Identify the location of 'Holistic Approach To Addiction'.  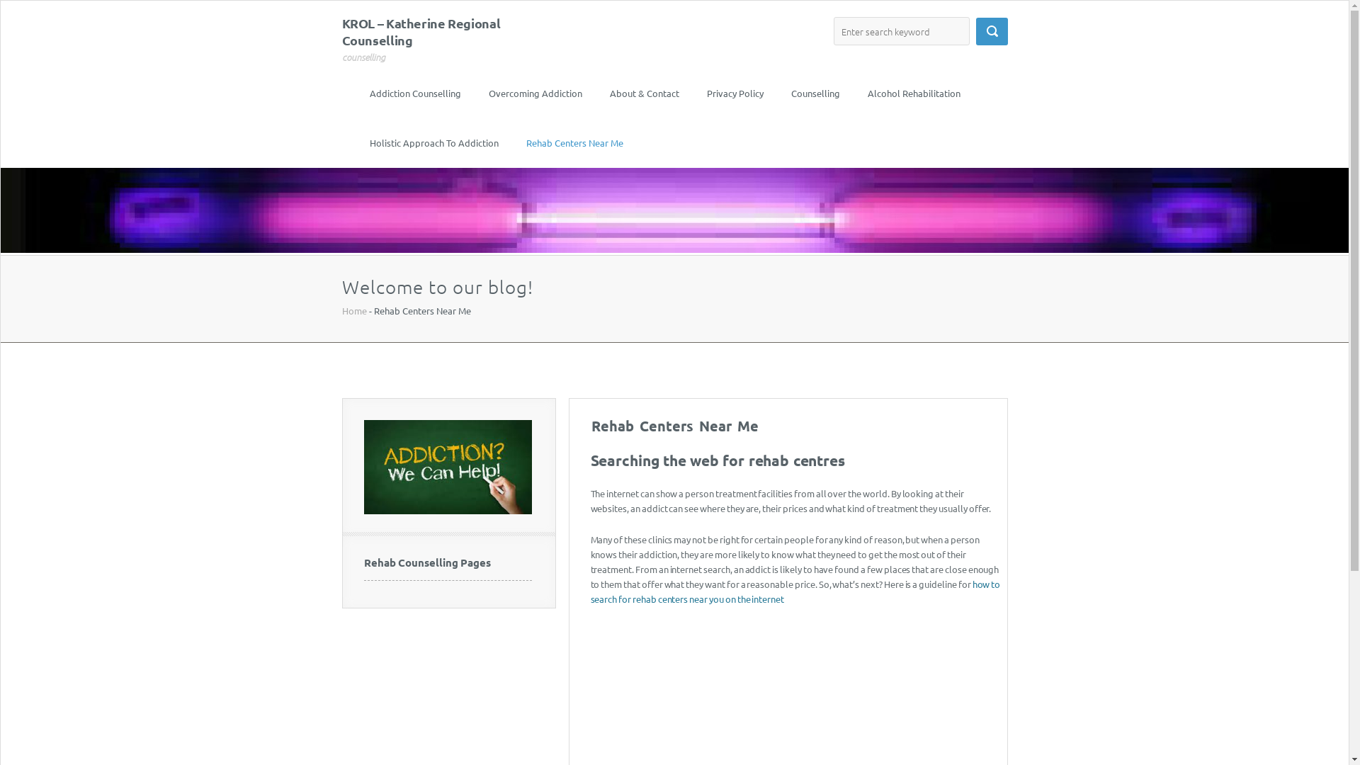
(433, 142).